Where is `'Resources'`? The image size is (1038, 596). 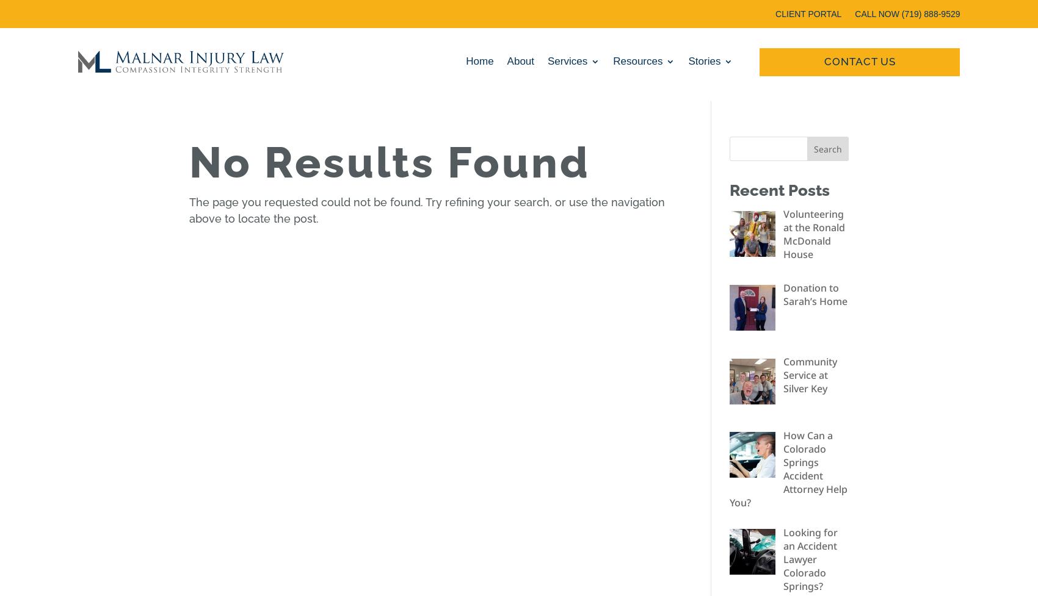
'Resources' is located at coordinates (637, 64).